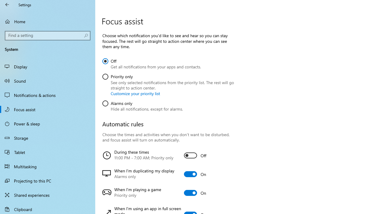 Image resolution: width=381 pixels, height=214 pixels. I want to click on 'Customize your priority list', so click(135, 93).